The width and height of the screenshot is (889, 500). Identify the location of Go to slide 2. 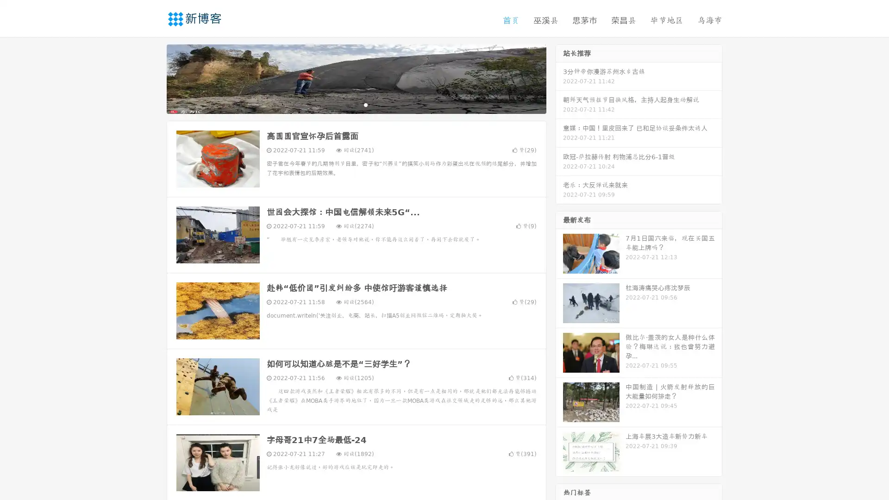
(356, 104).